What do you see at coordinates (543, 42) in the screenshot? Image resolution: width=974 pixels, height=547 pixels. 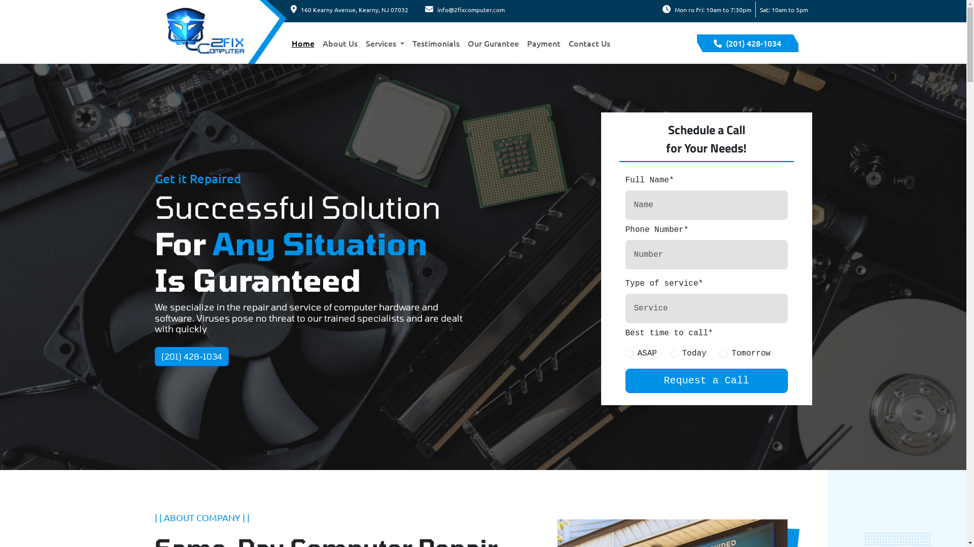 I see `'Payment'` at bounding box center [543, 42].